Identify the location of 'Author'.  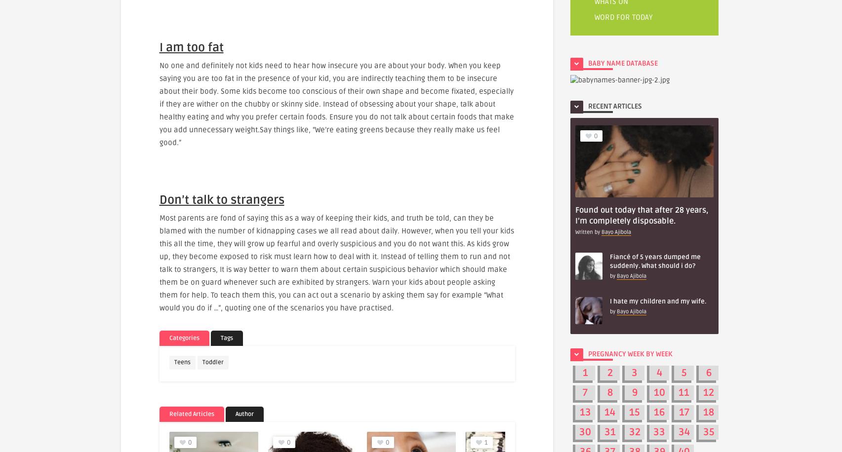
(243, 414).